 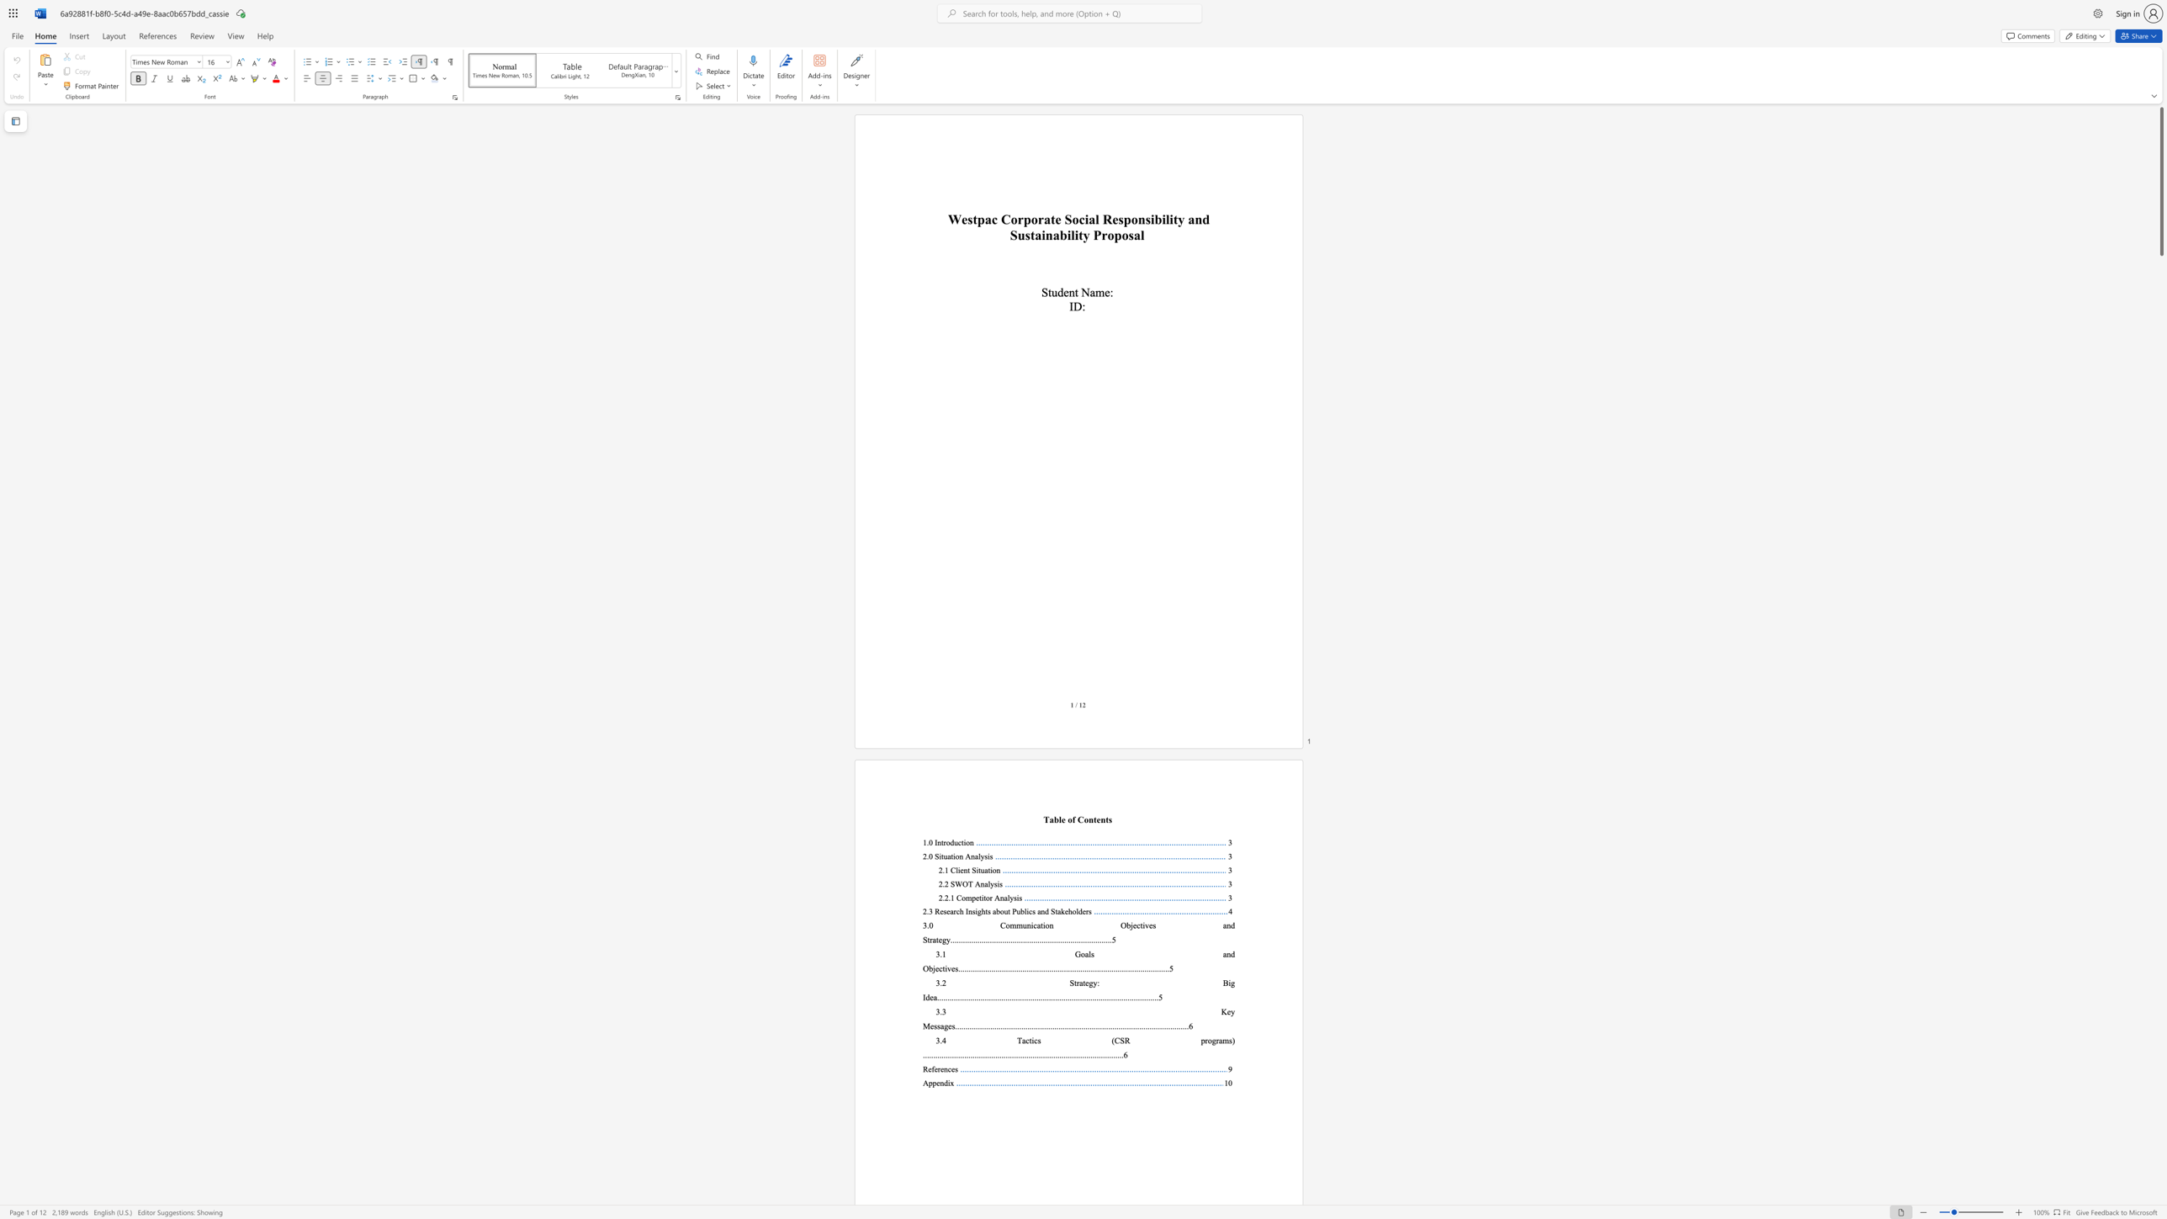 What do you see at coordinates (1071, 292) in the screenshot?
I see `the 1th character "n" in the text` at bounding box center [1071, 292].